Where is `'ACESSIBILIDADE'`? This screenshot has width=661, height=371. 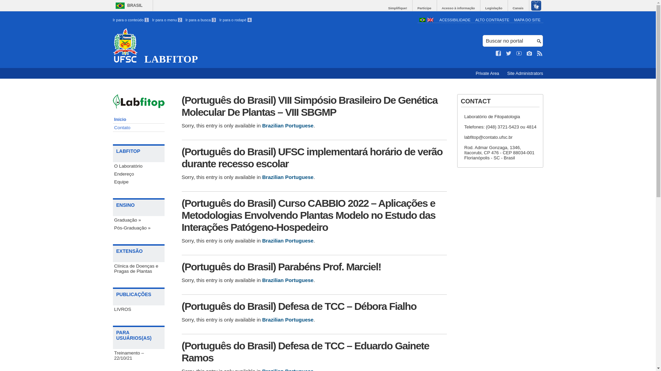 'ACESSIBILIDADE' is located at coordinates (454, 19).